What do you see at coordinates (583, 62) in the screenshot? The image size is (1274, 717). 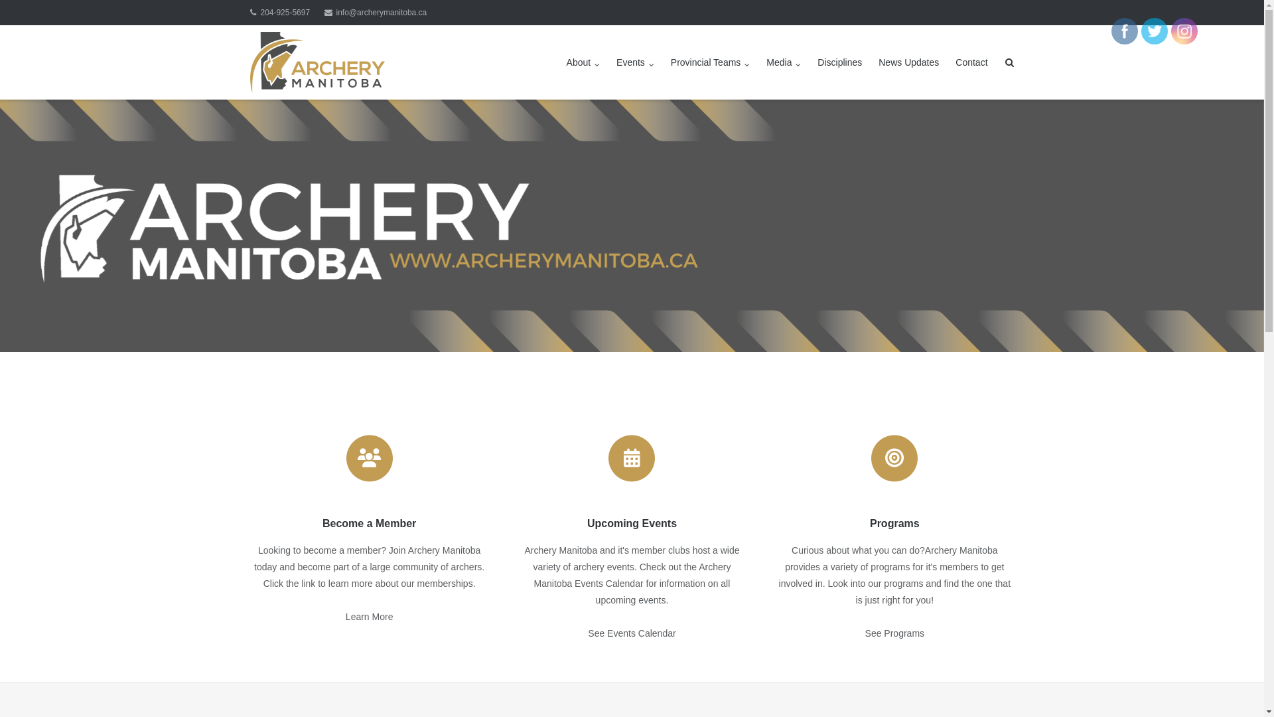 I see `'About'` at bounding box center [583, 62].